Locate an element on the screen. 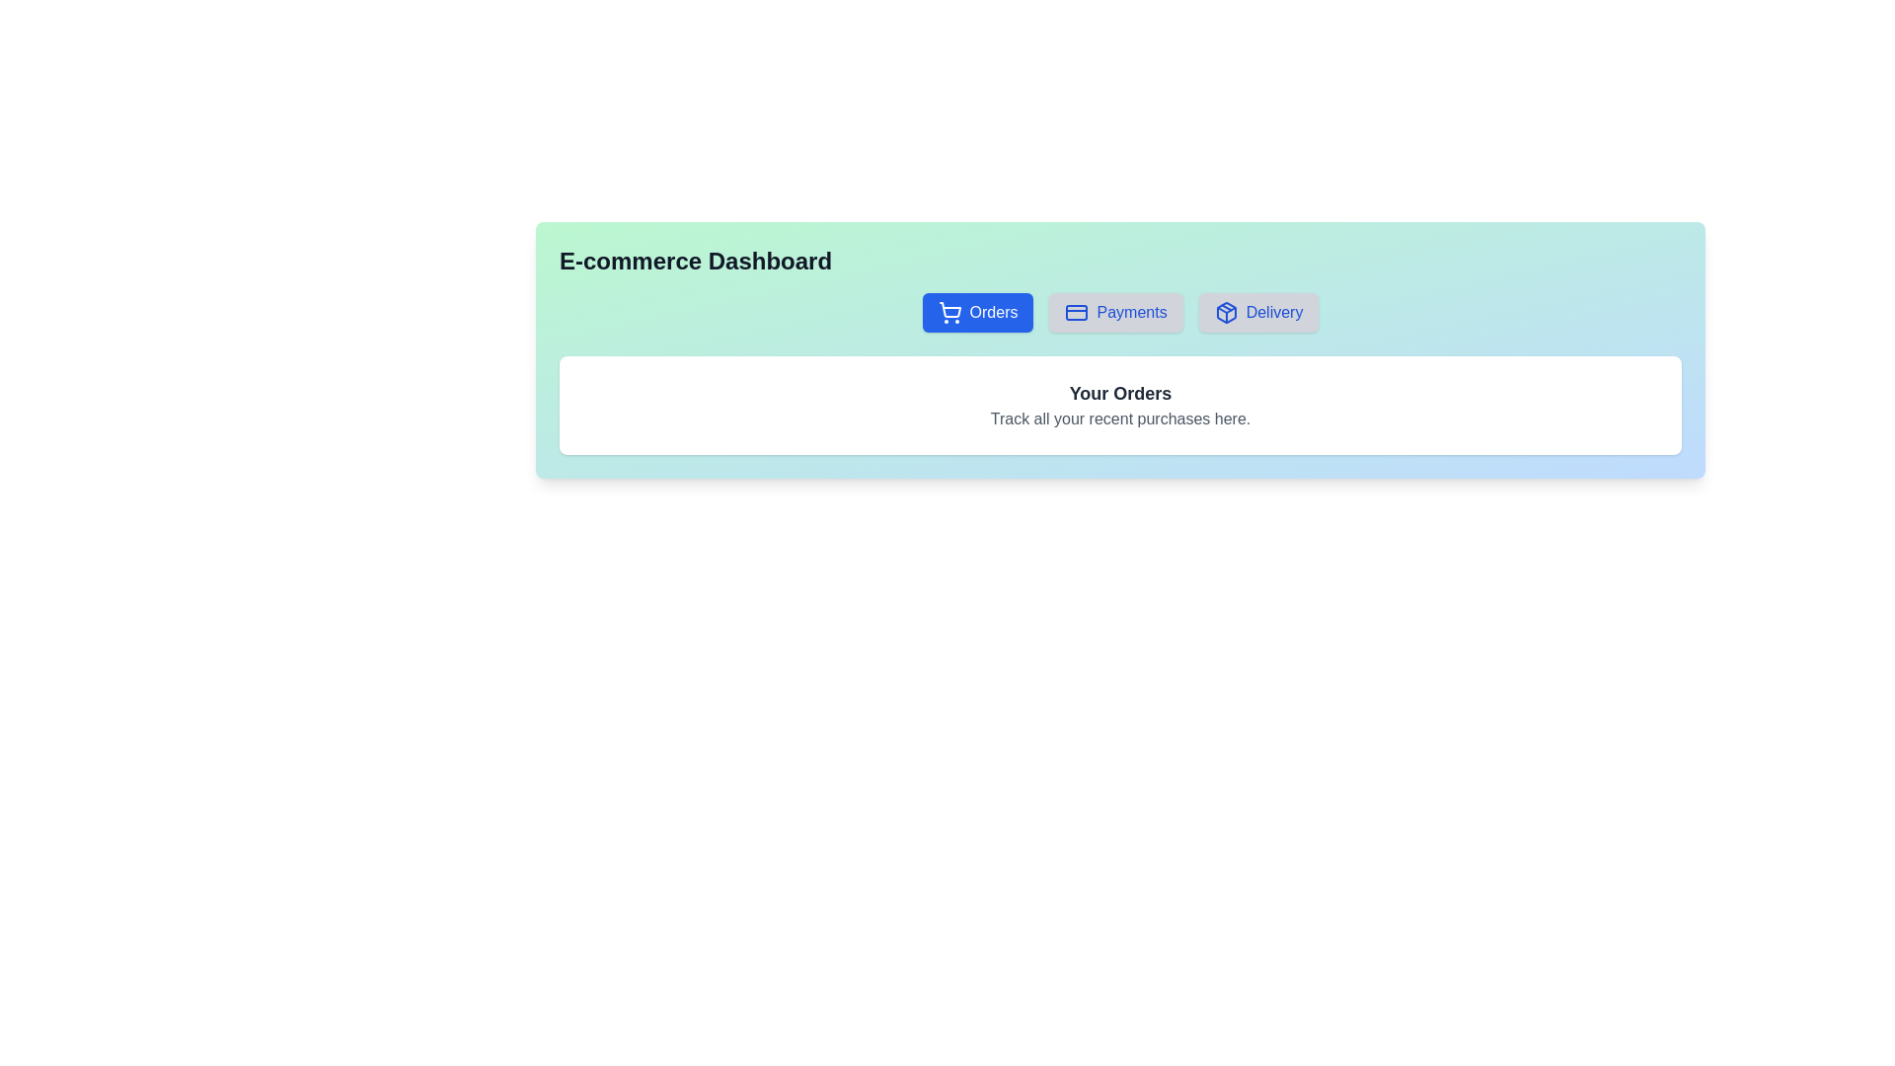 The height and width of the screenshot is (1066, 1895). the Text block that describes the section's purpose for tracking recent purchases, located just below the main heading 'Your Orders' is located at coordinates (1120, 418).